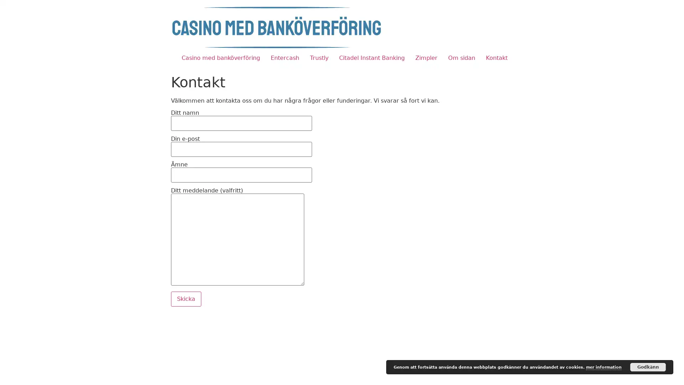  What do you see at coordinates (186, 298) in the screenshot?
I see `Skicka` at bounding box center [186, 298].